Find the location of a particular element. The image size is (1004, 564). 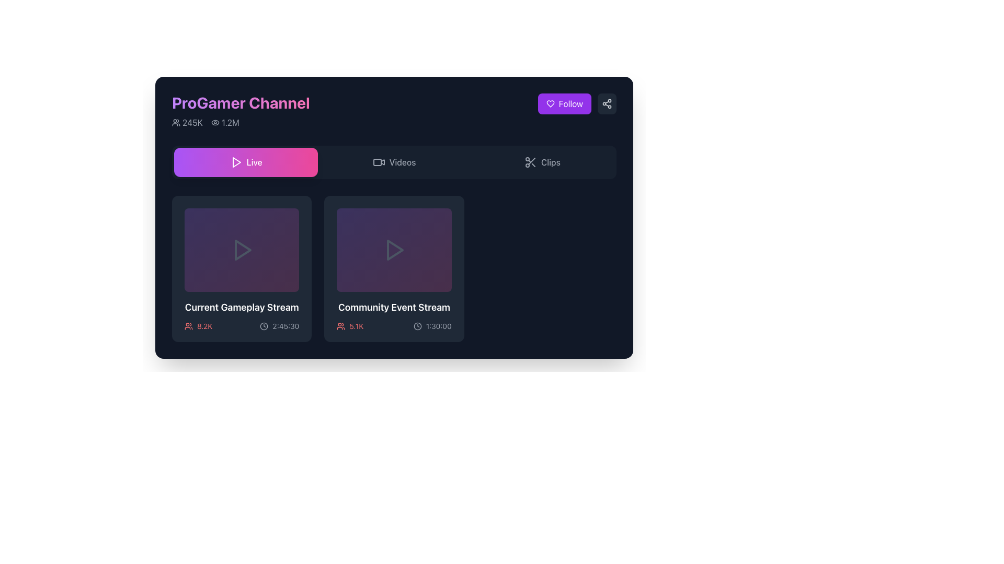

the 'Videos' text label, which is styled with medium font weight and gray color, located in the horizontal menu bar between the 'Live' button and 'Clips' menu item is located at coordinates (402, 162).